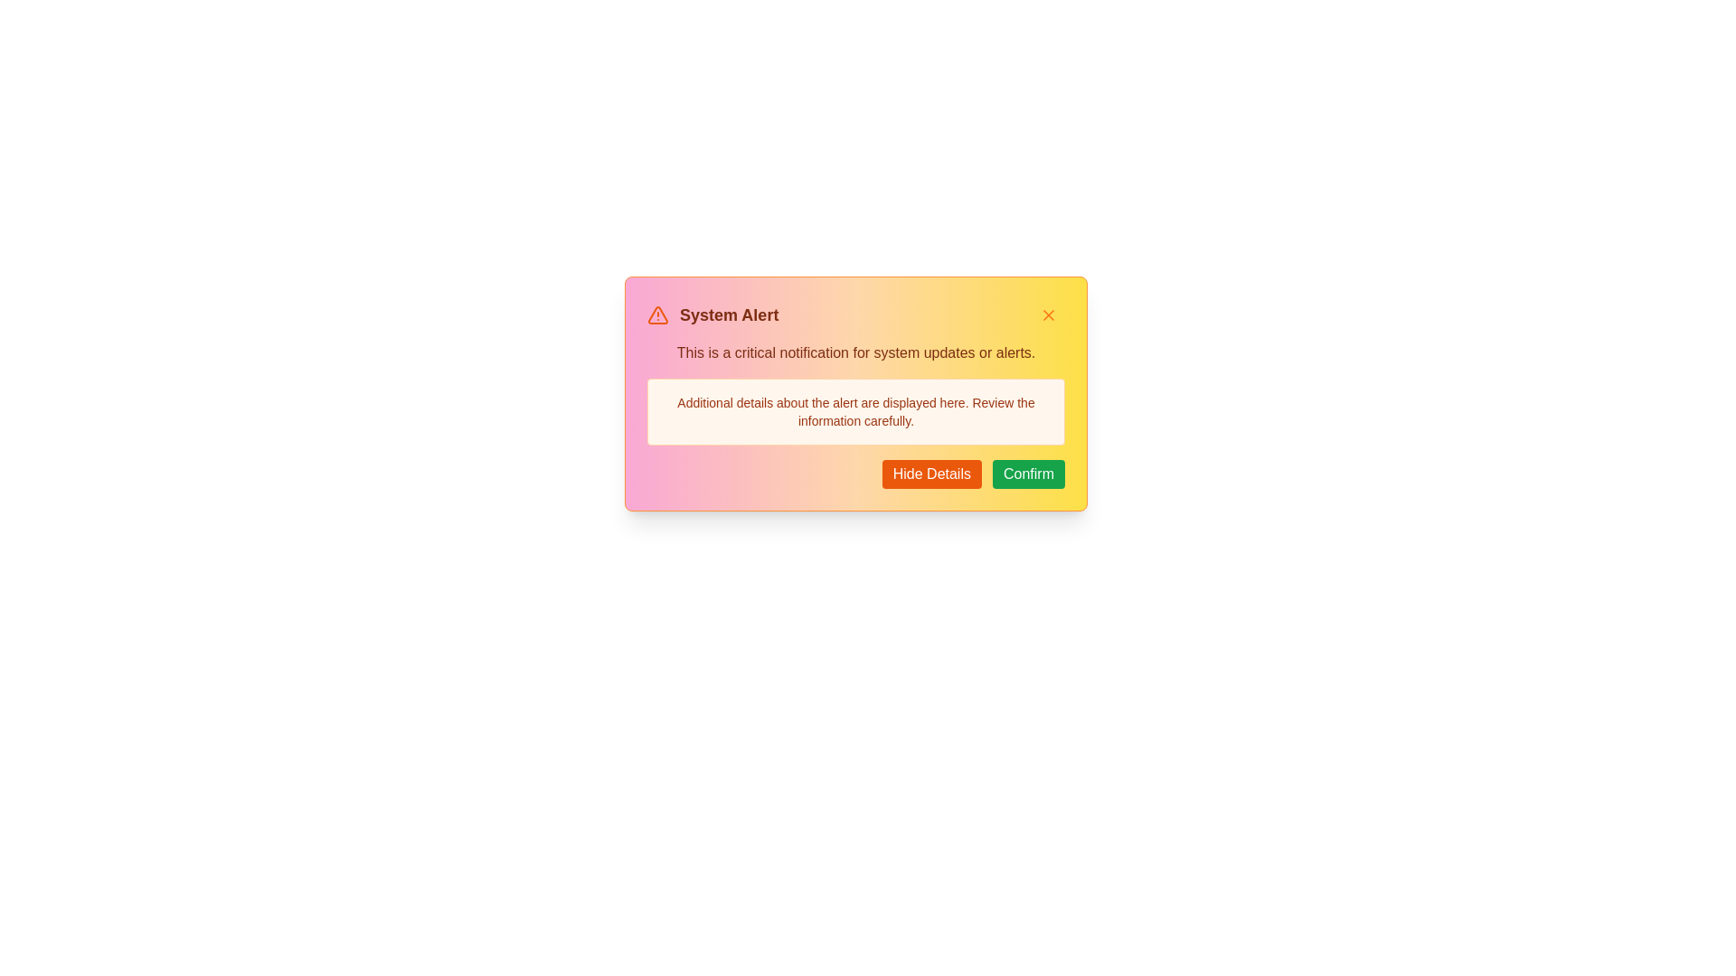 The height and width of the screenshot is (976, 1736). What do you see at coordinates (931, 473) in the screenshot?
I see `the 'Hide Details' button to toggle the visibility of the detailed information section` at bounding box center [931, 473].